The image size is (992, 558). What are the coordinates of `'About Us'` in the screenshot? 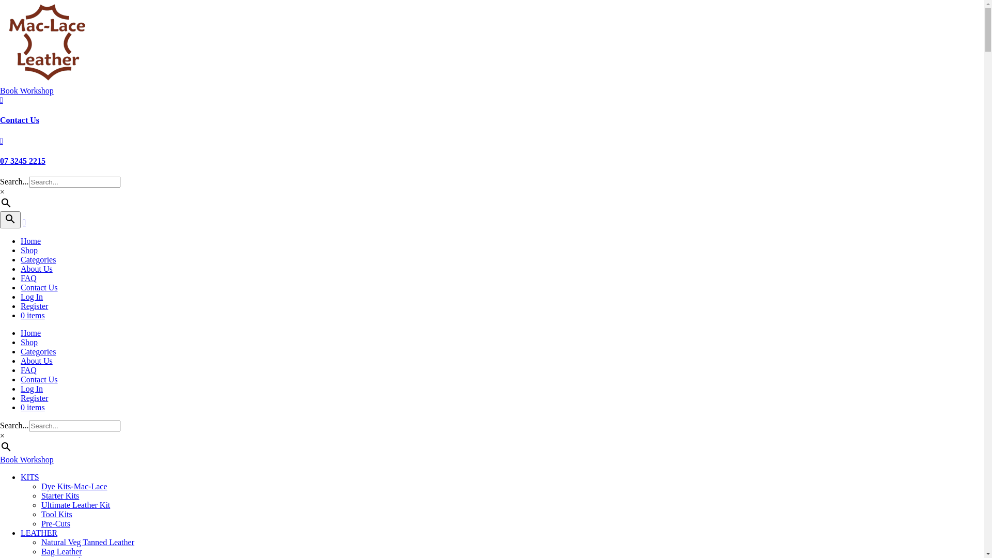 It's located at (37, 268).